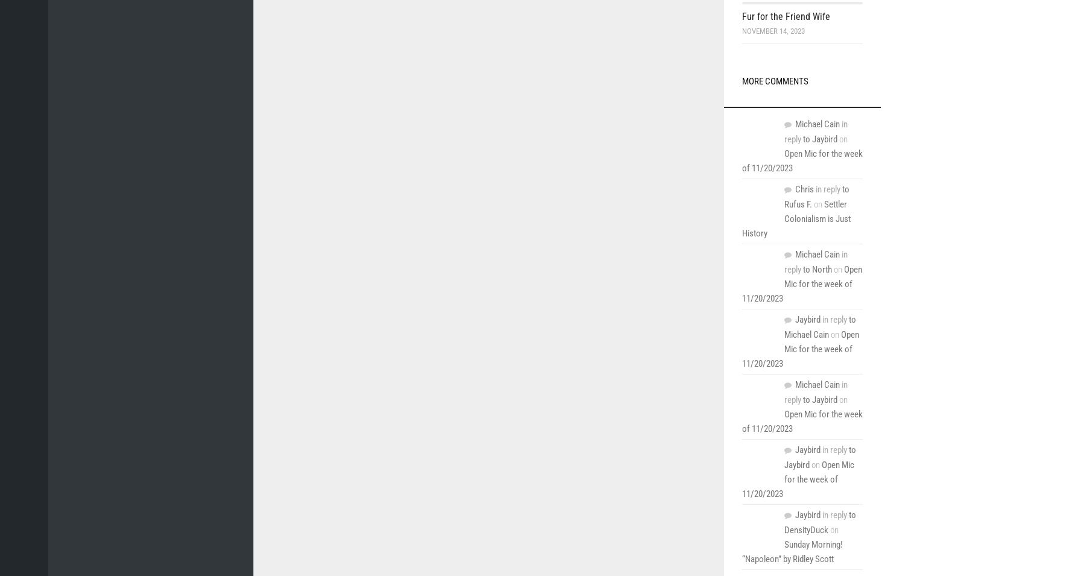 The height and width of the screenshot is (576, 1086). What do you see at coordinates (784, 196) in the screenshot?
I see `'to Rufus F.'` at bounding box center [784, 196].